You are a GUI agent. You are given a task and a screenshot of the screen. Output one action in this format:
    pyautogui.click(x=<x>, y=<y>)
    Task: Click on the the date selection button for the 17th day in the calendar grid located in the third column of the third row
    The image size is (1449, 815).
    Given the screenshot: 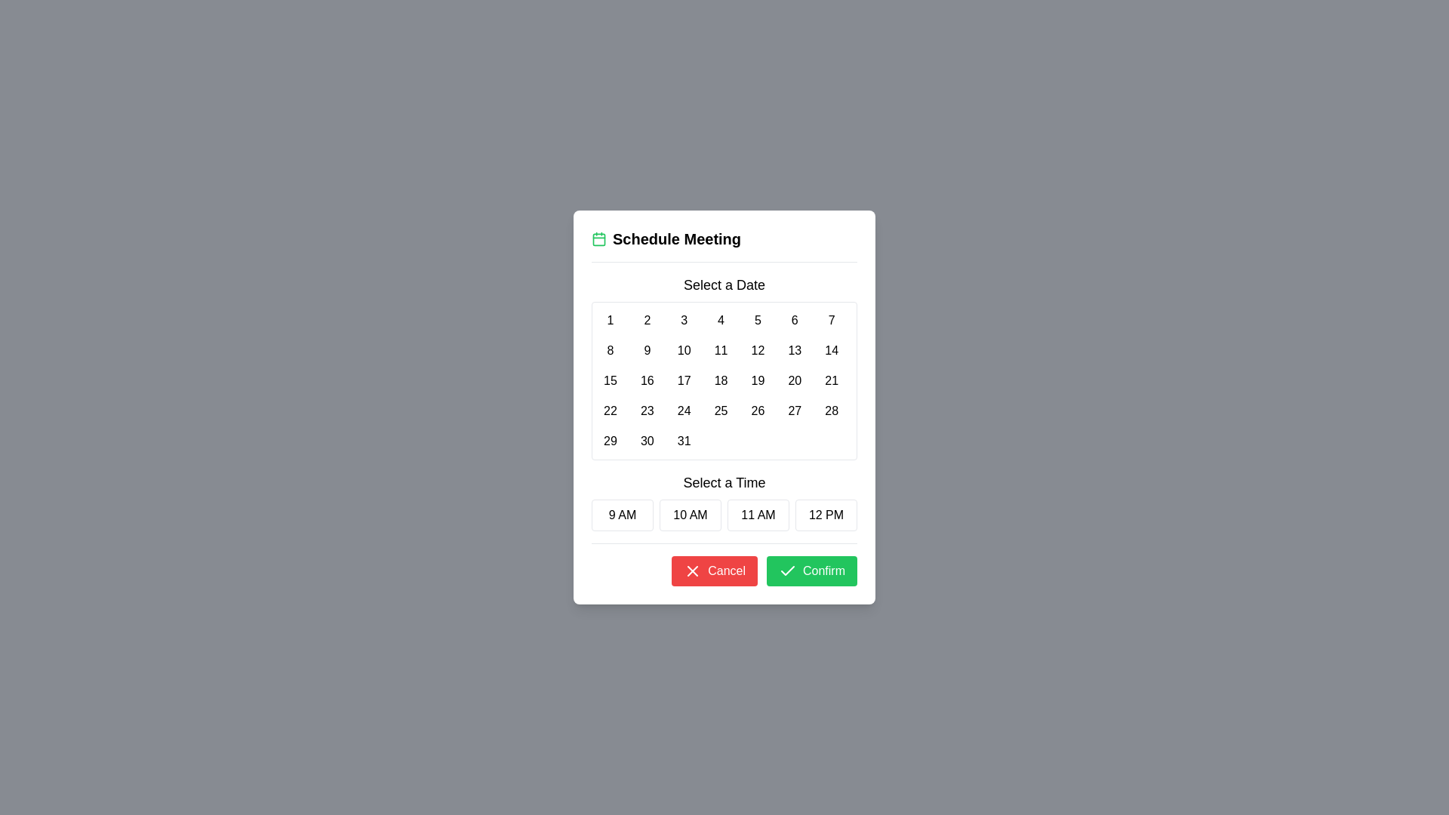 What is the action you would take?
    pyautogui.click(x=683, y=380)
    